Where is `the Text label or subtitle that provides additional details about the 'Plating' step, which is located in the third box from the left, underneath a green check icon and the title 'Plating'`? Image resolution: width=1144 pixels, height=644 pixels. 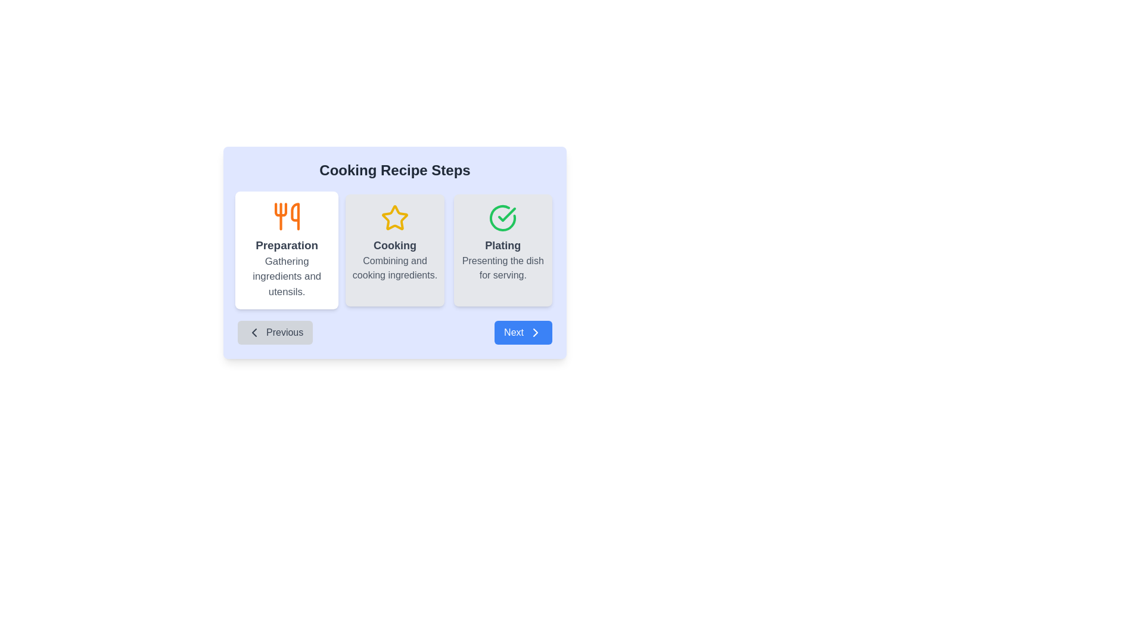
the Text label or subtitle that provides additional details about the 'Plating' step, which is located in the third box from the left, underneath a green check icon and the title 'Plating' is located at coordinates (503, 268).